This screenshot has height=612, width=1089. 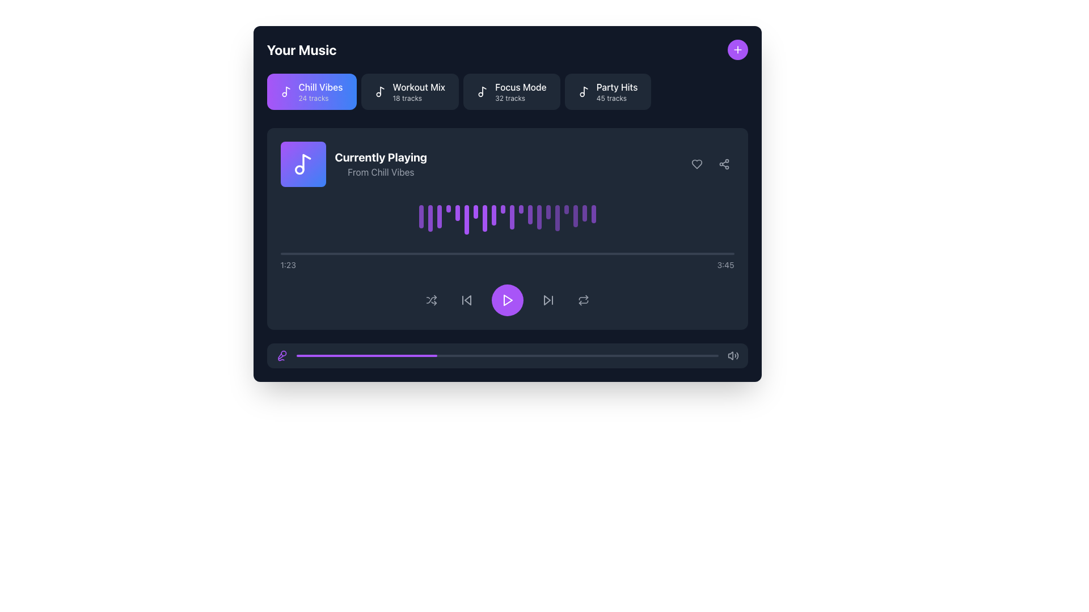 What do you see at coordinates (381, 172) in the screenshot?
I see `the Text Label displaying 'From Chill Vibes', which is located directly beneath the title 'Currently Playing' in the playback section of the application interface` at bounding box center [381, 172].